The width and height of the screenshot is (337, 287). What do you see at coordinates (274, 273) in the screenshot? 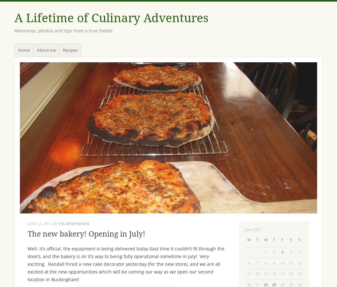
I see `'16'` at bounding box center [274, 273].